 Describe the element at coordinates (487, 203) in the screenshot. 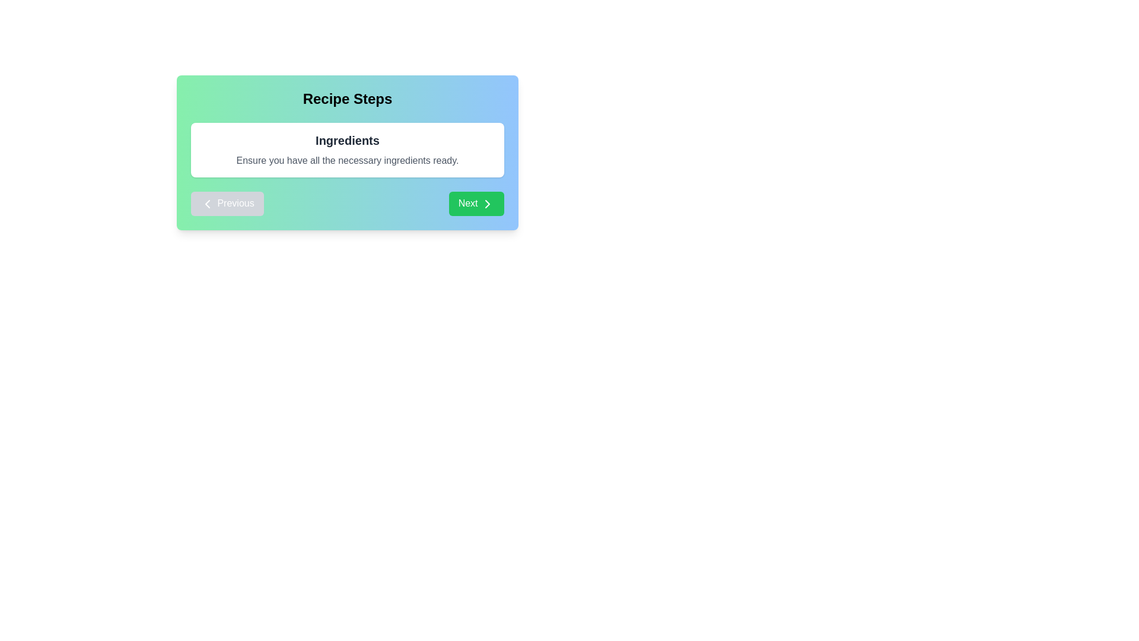

I see `the decorative icon located on the right side of the 'Next' button, which enhances the visual cue to proceed to the next step` at that location.